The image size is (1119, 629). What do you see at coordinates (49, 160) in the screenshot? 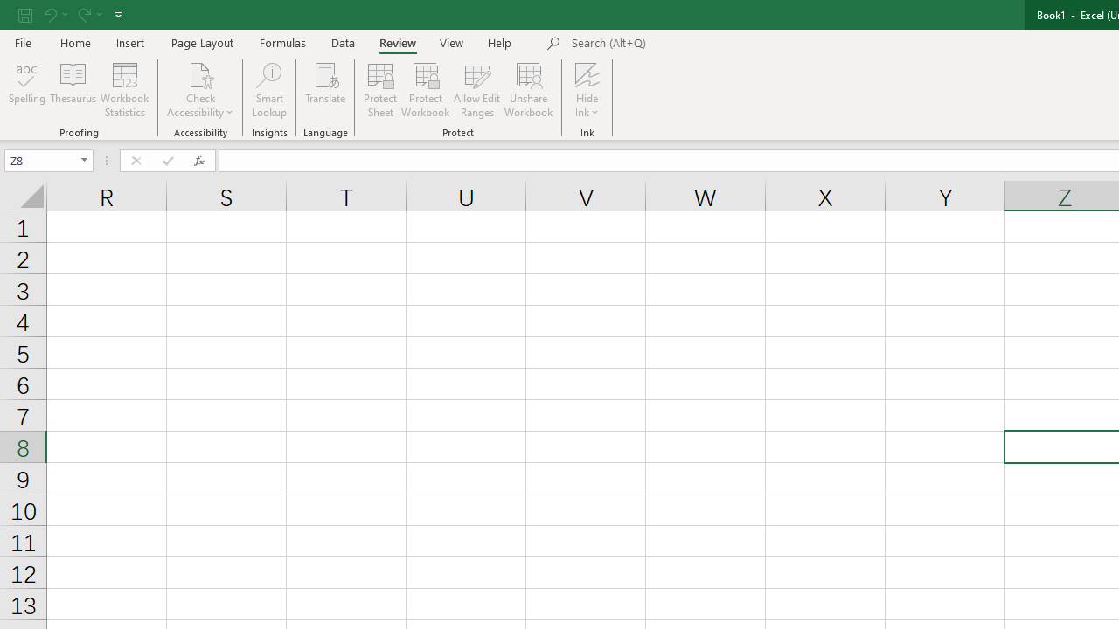
I see `'Name Box'` at bounding box center [49, 160].